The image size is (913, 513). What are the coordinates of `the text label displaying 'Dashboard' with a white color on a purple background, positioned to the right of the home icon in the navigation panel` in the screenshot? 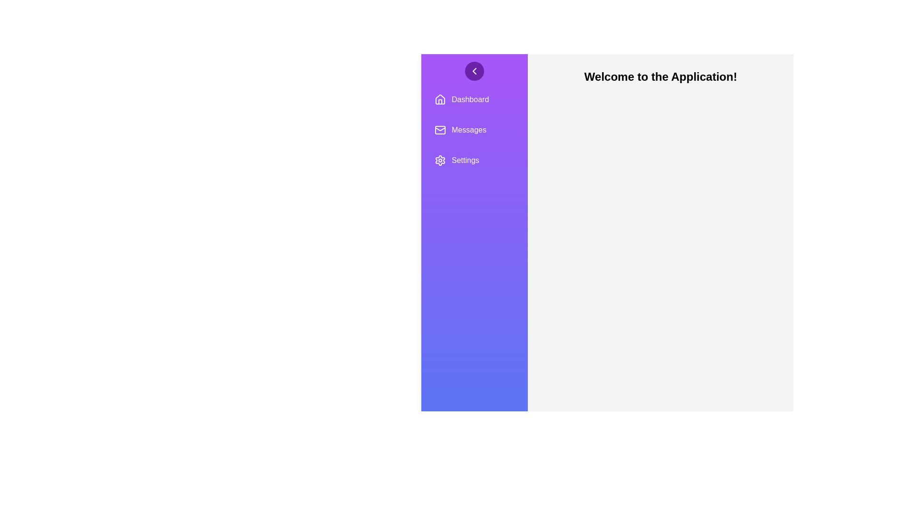 It's located at (470, 99).